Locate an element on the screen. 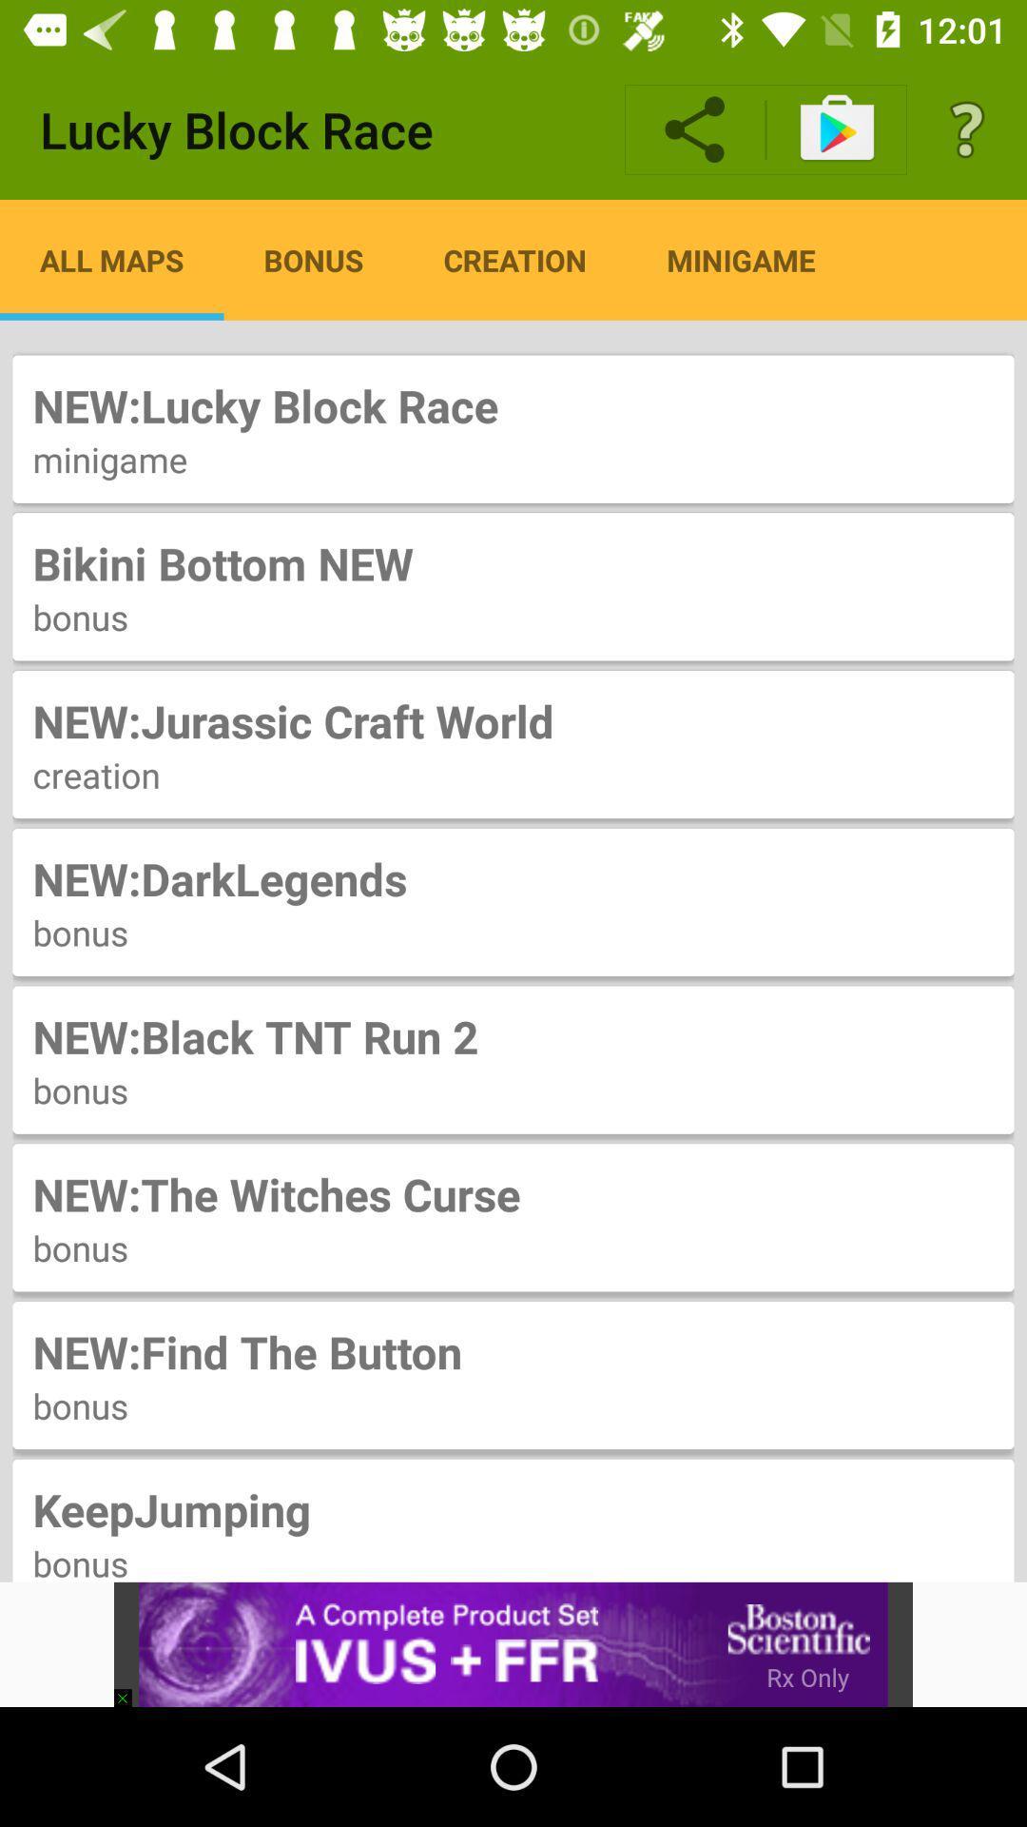  the item below bonus is located at coordinates (513, 1643).